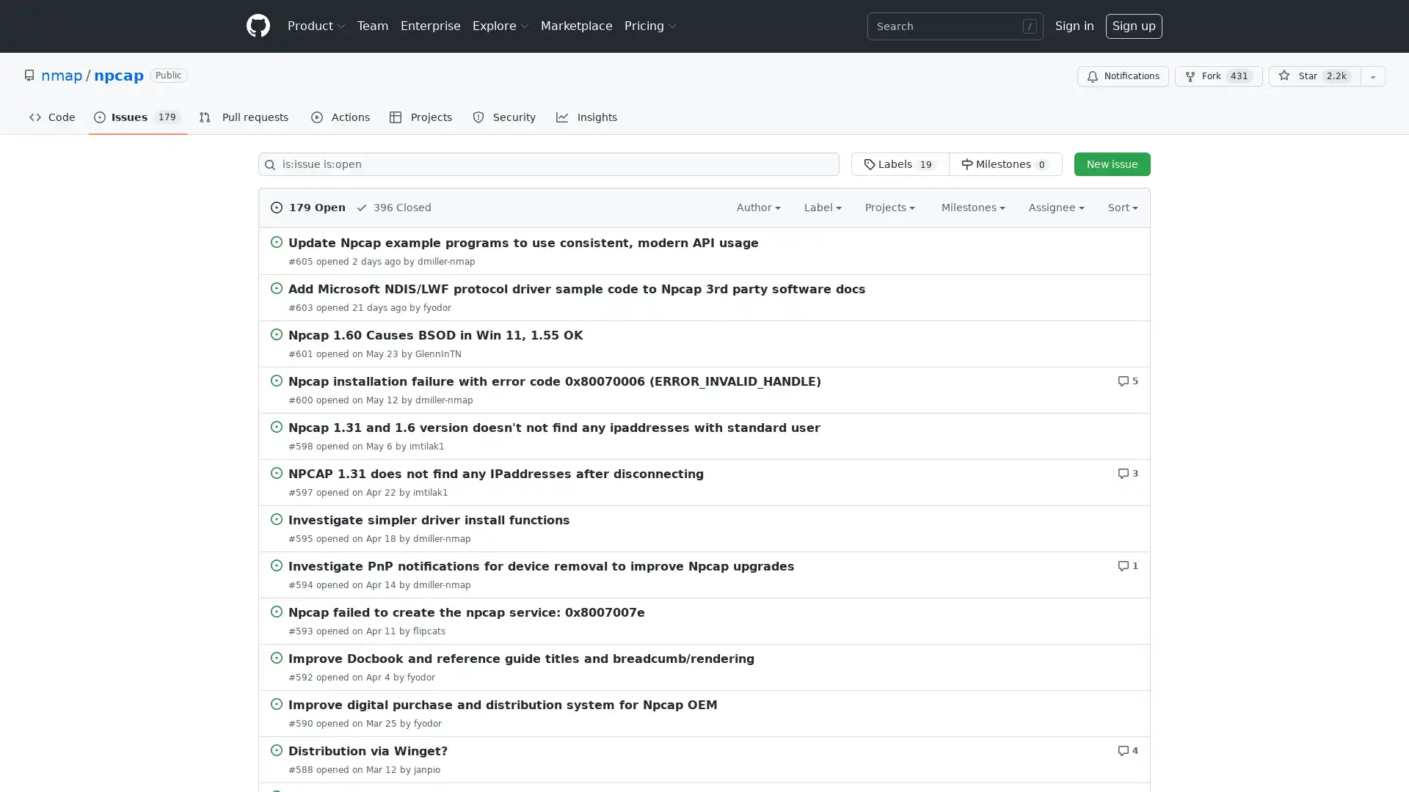 This screenshot has height=792, width=1409. What do you see at coordinates (1372, 76) in the screenshot?
I see `You must be signed in to add this repository to a list` at bounding box center [1372, 76].